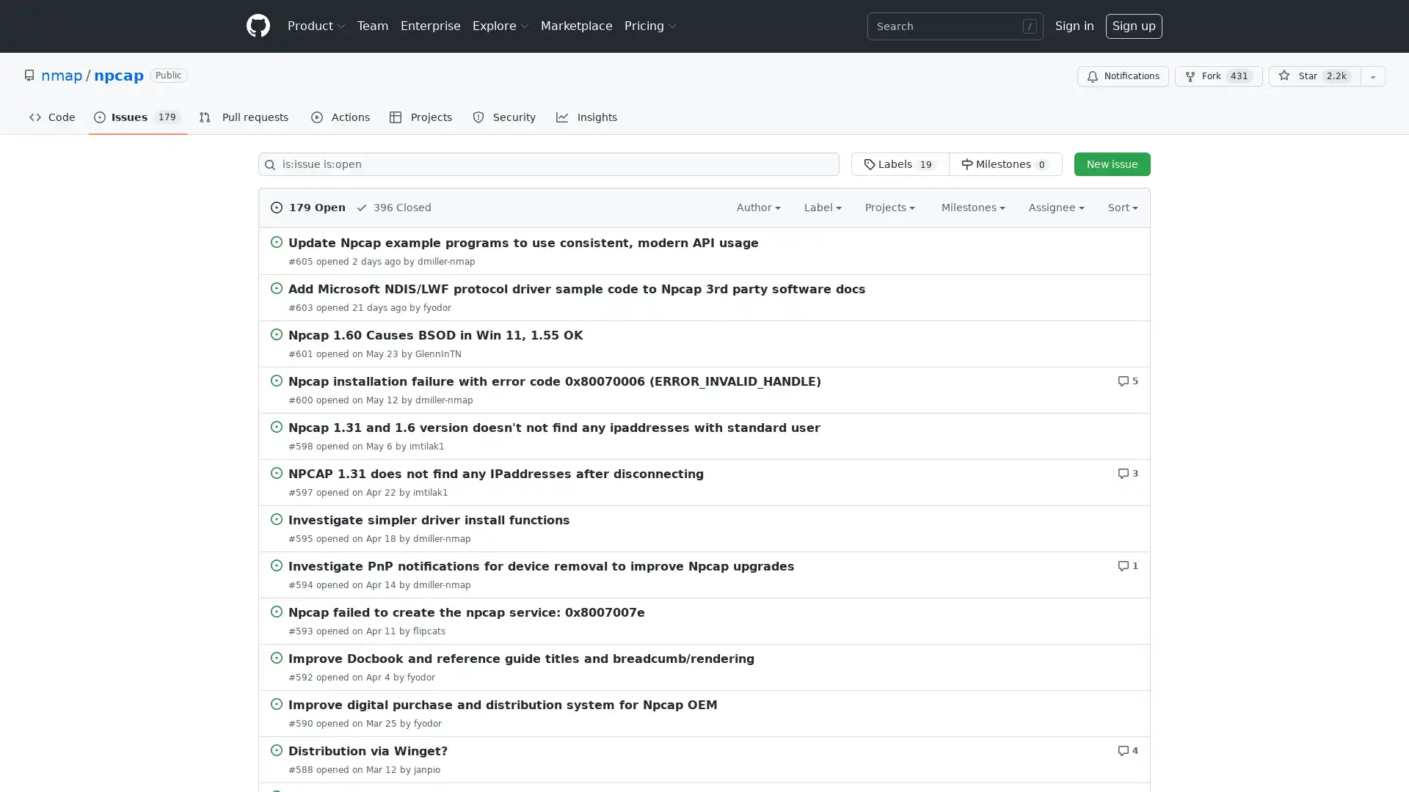 This screenshot has height=792, width=1409. What do you see at coordinates (1372, 76) in the screenshot?
I see `You must be signed in to add this repository to a list` at bounding box center [1372, 76].